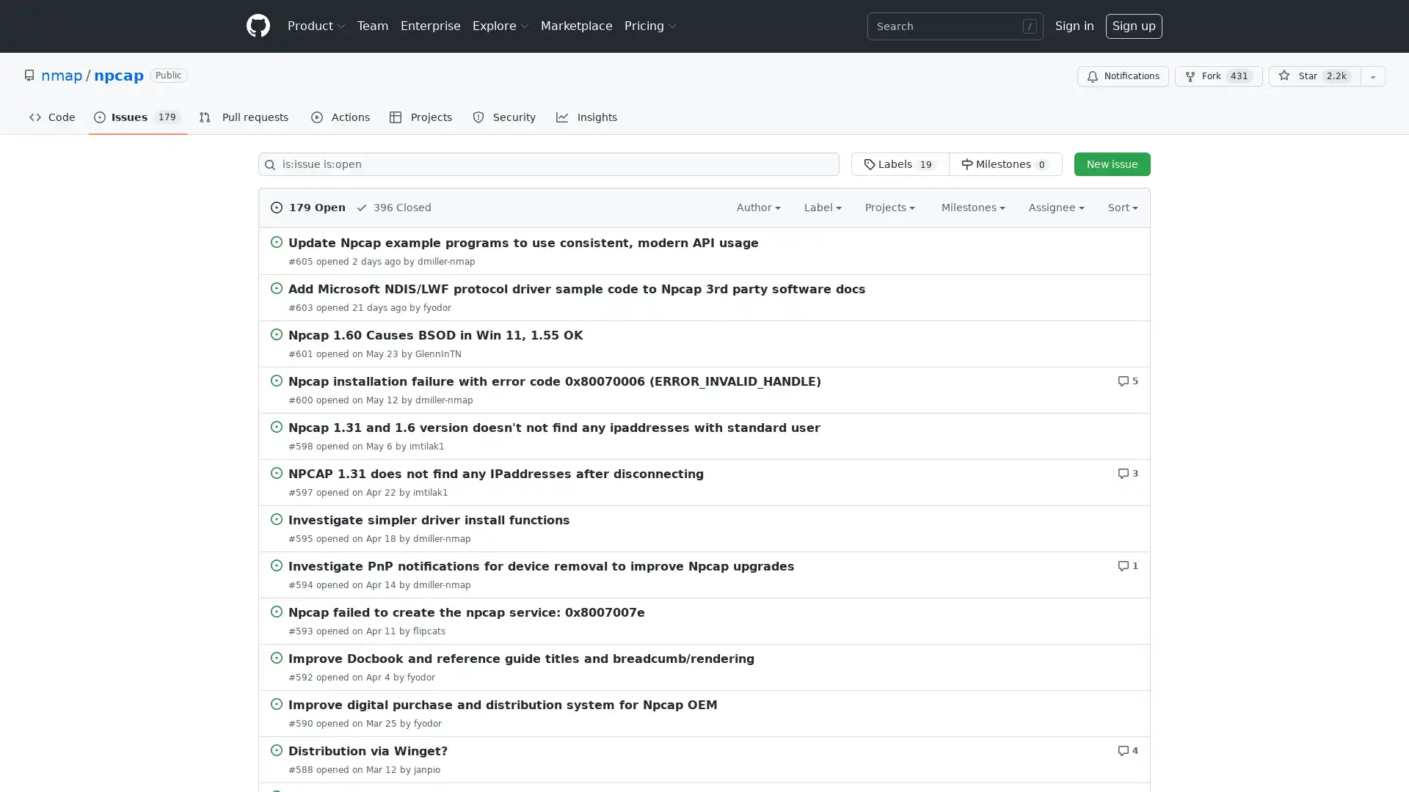 This screenshot has height=792, width=1409. What do you see at coordinates (1372, 76) in the screenshot?
I see `You must be signed in to add this repository to a list` at bounding box center [1372, 76].